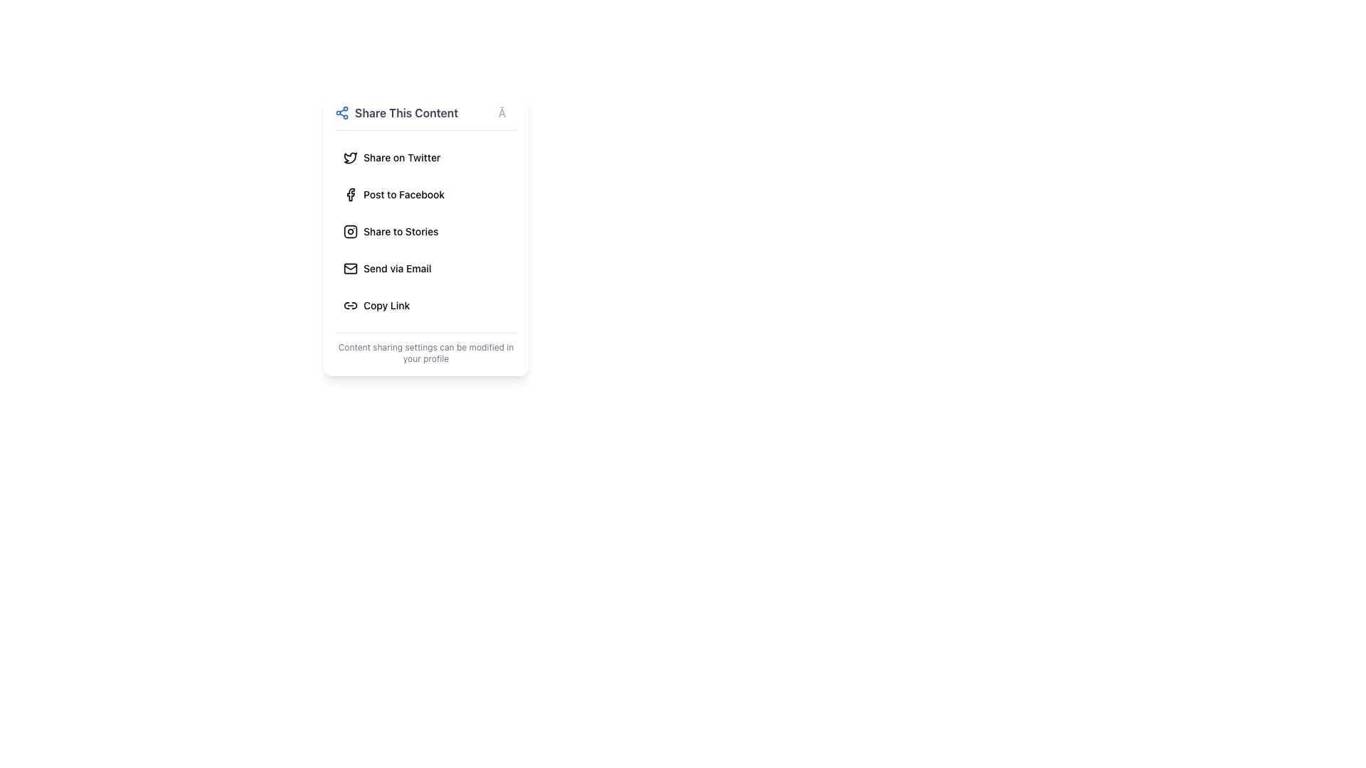 The image size is (1366, 768). What do you see at coordinates (400, 231) in the screenshot?
I see `the 'Share to Stories' text label, which is the third option in the sharing menu, located between 'Post to Facebook' and 'Send via Email'` at bounding box center [400, 231].